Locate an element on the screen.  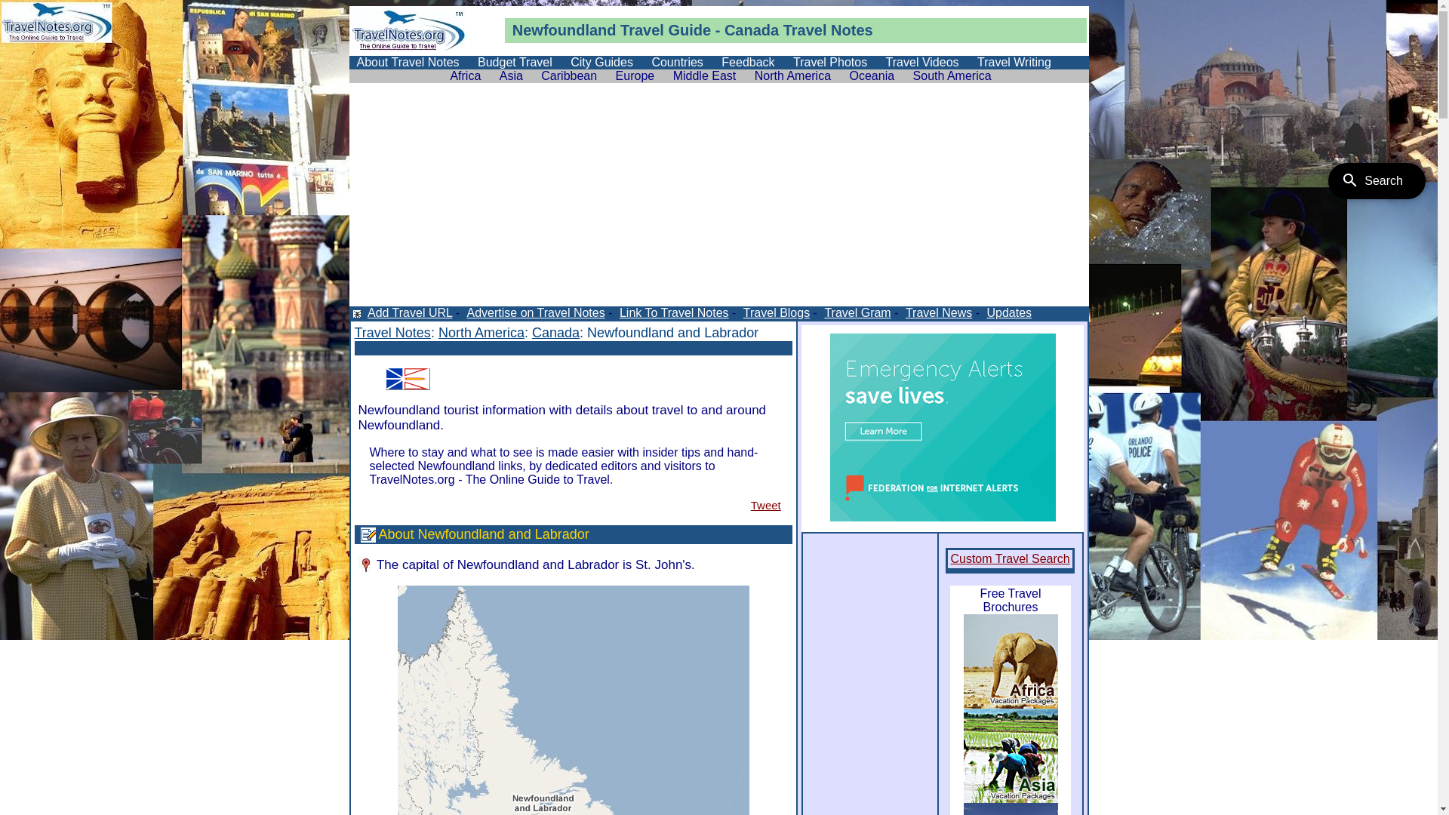
'Caribbean' is located at coordinates (568, 75).